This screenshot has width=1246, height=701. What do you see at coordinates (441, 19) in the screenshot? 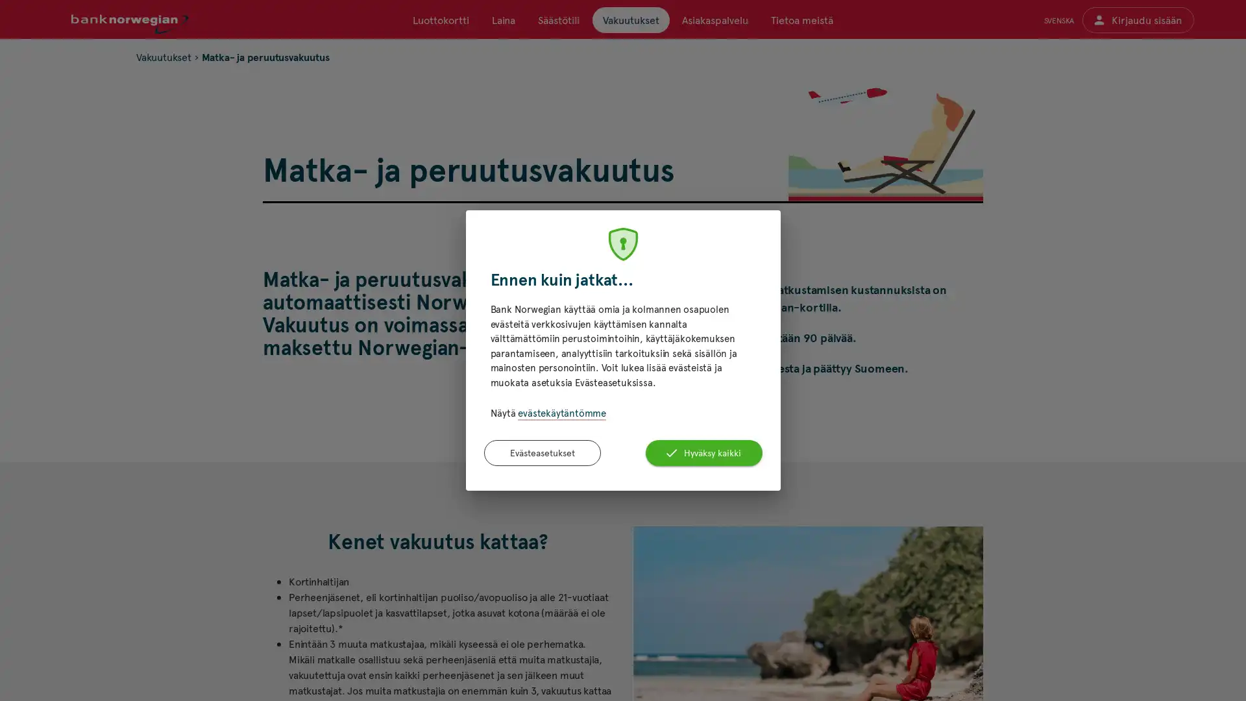
I see `Luottokortti` at bounding box center [441, 19].